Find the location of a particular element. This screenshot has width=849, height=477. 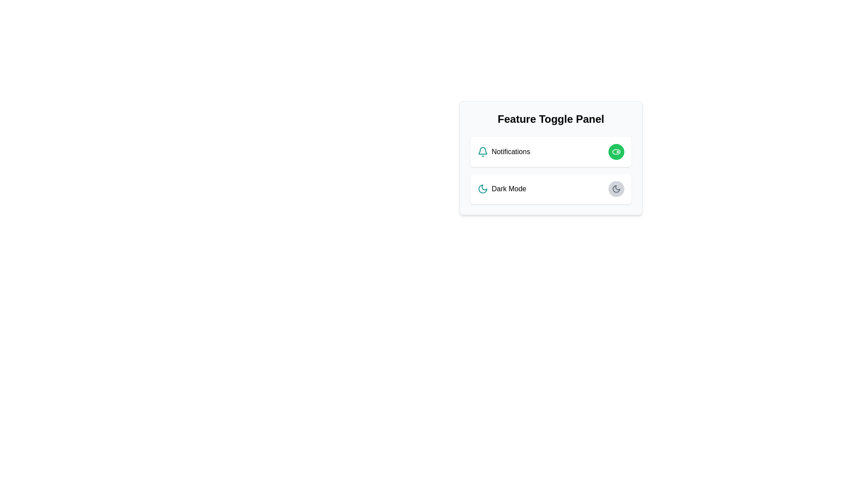

the dark mode toggle icon located to the left of the 'Dark Mode' label is located at coordinates (482, 189).